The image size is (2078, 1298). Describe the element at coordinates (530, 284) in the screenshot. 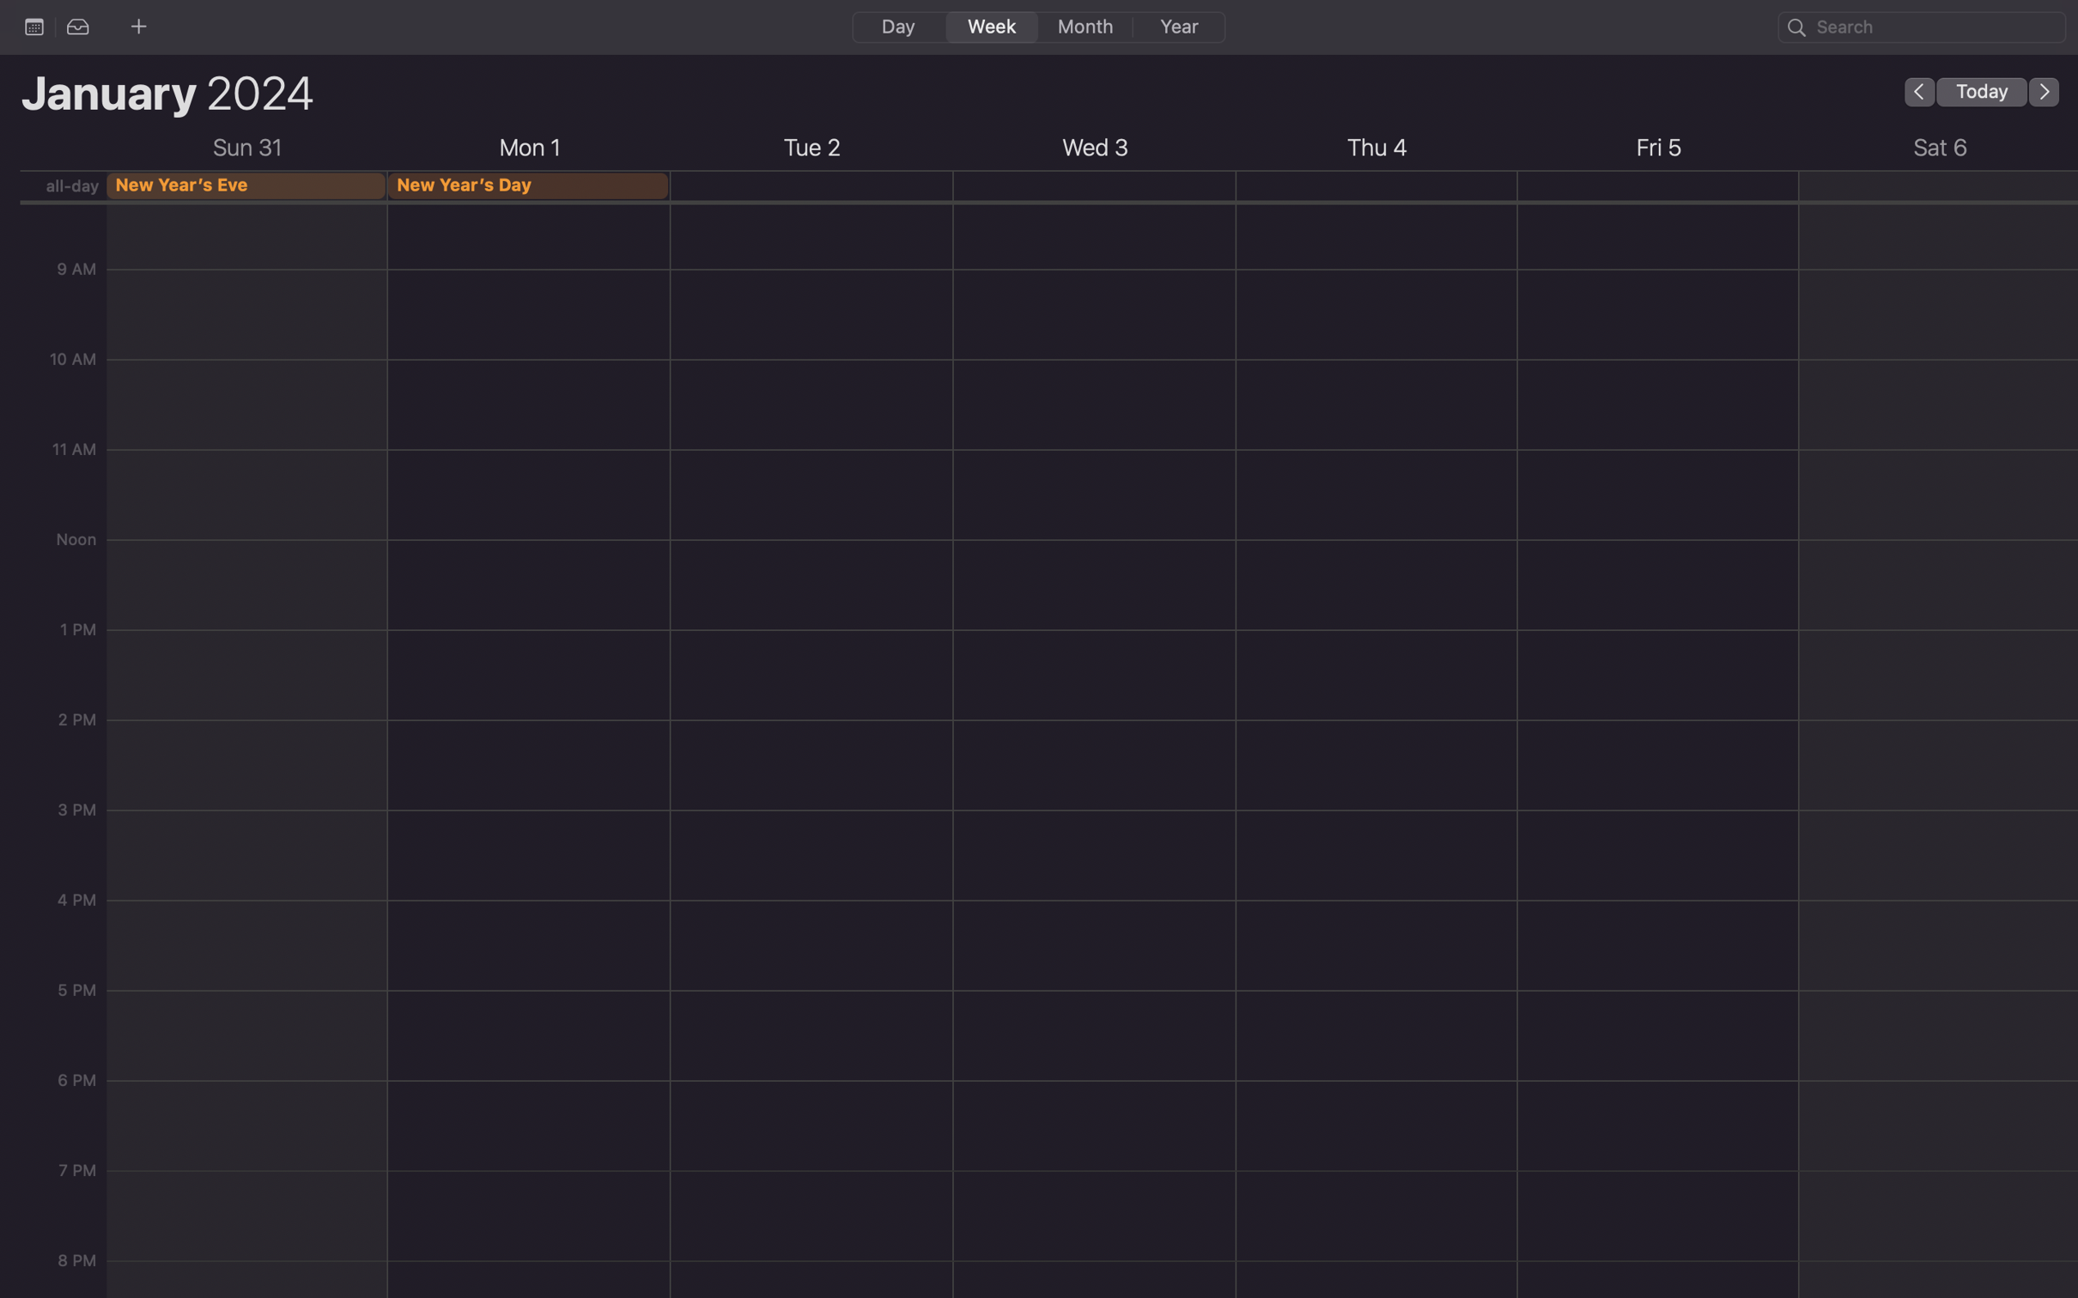

I see `an appointment for Monday at 10 in the morning` at that location.